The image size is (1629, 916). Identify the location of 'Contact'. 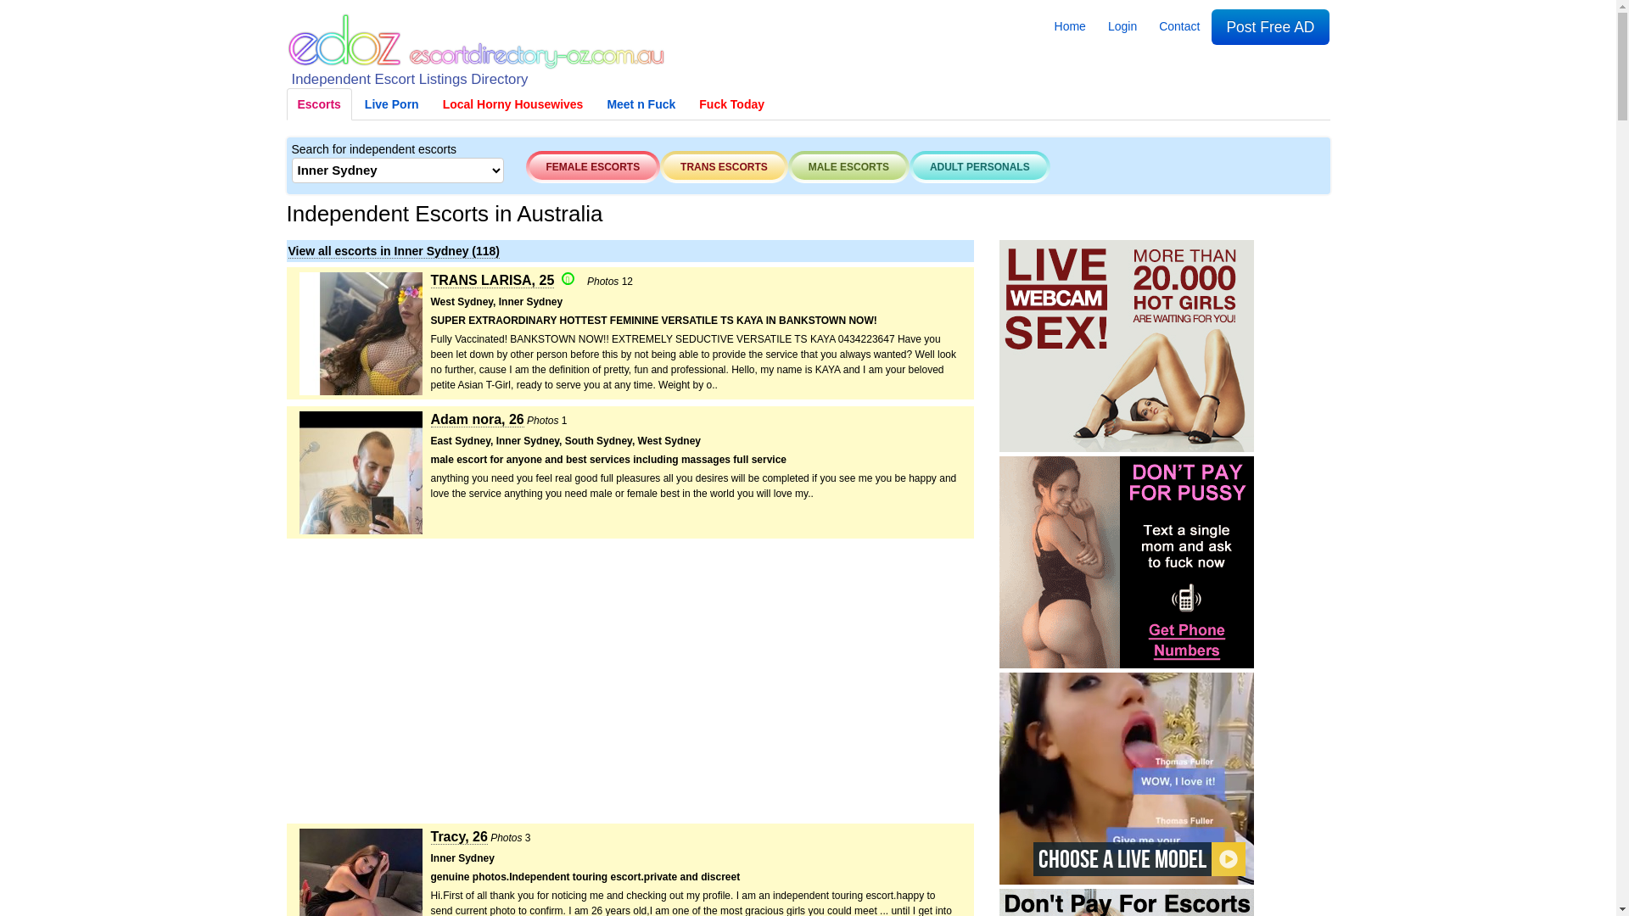
(1178, 25).